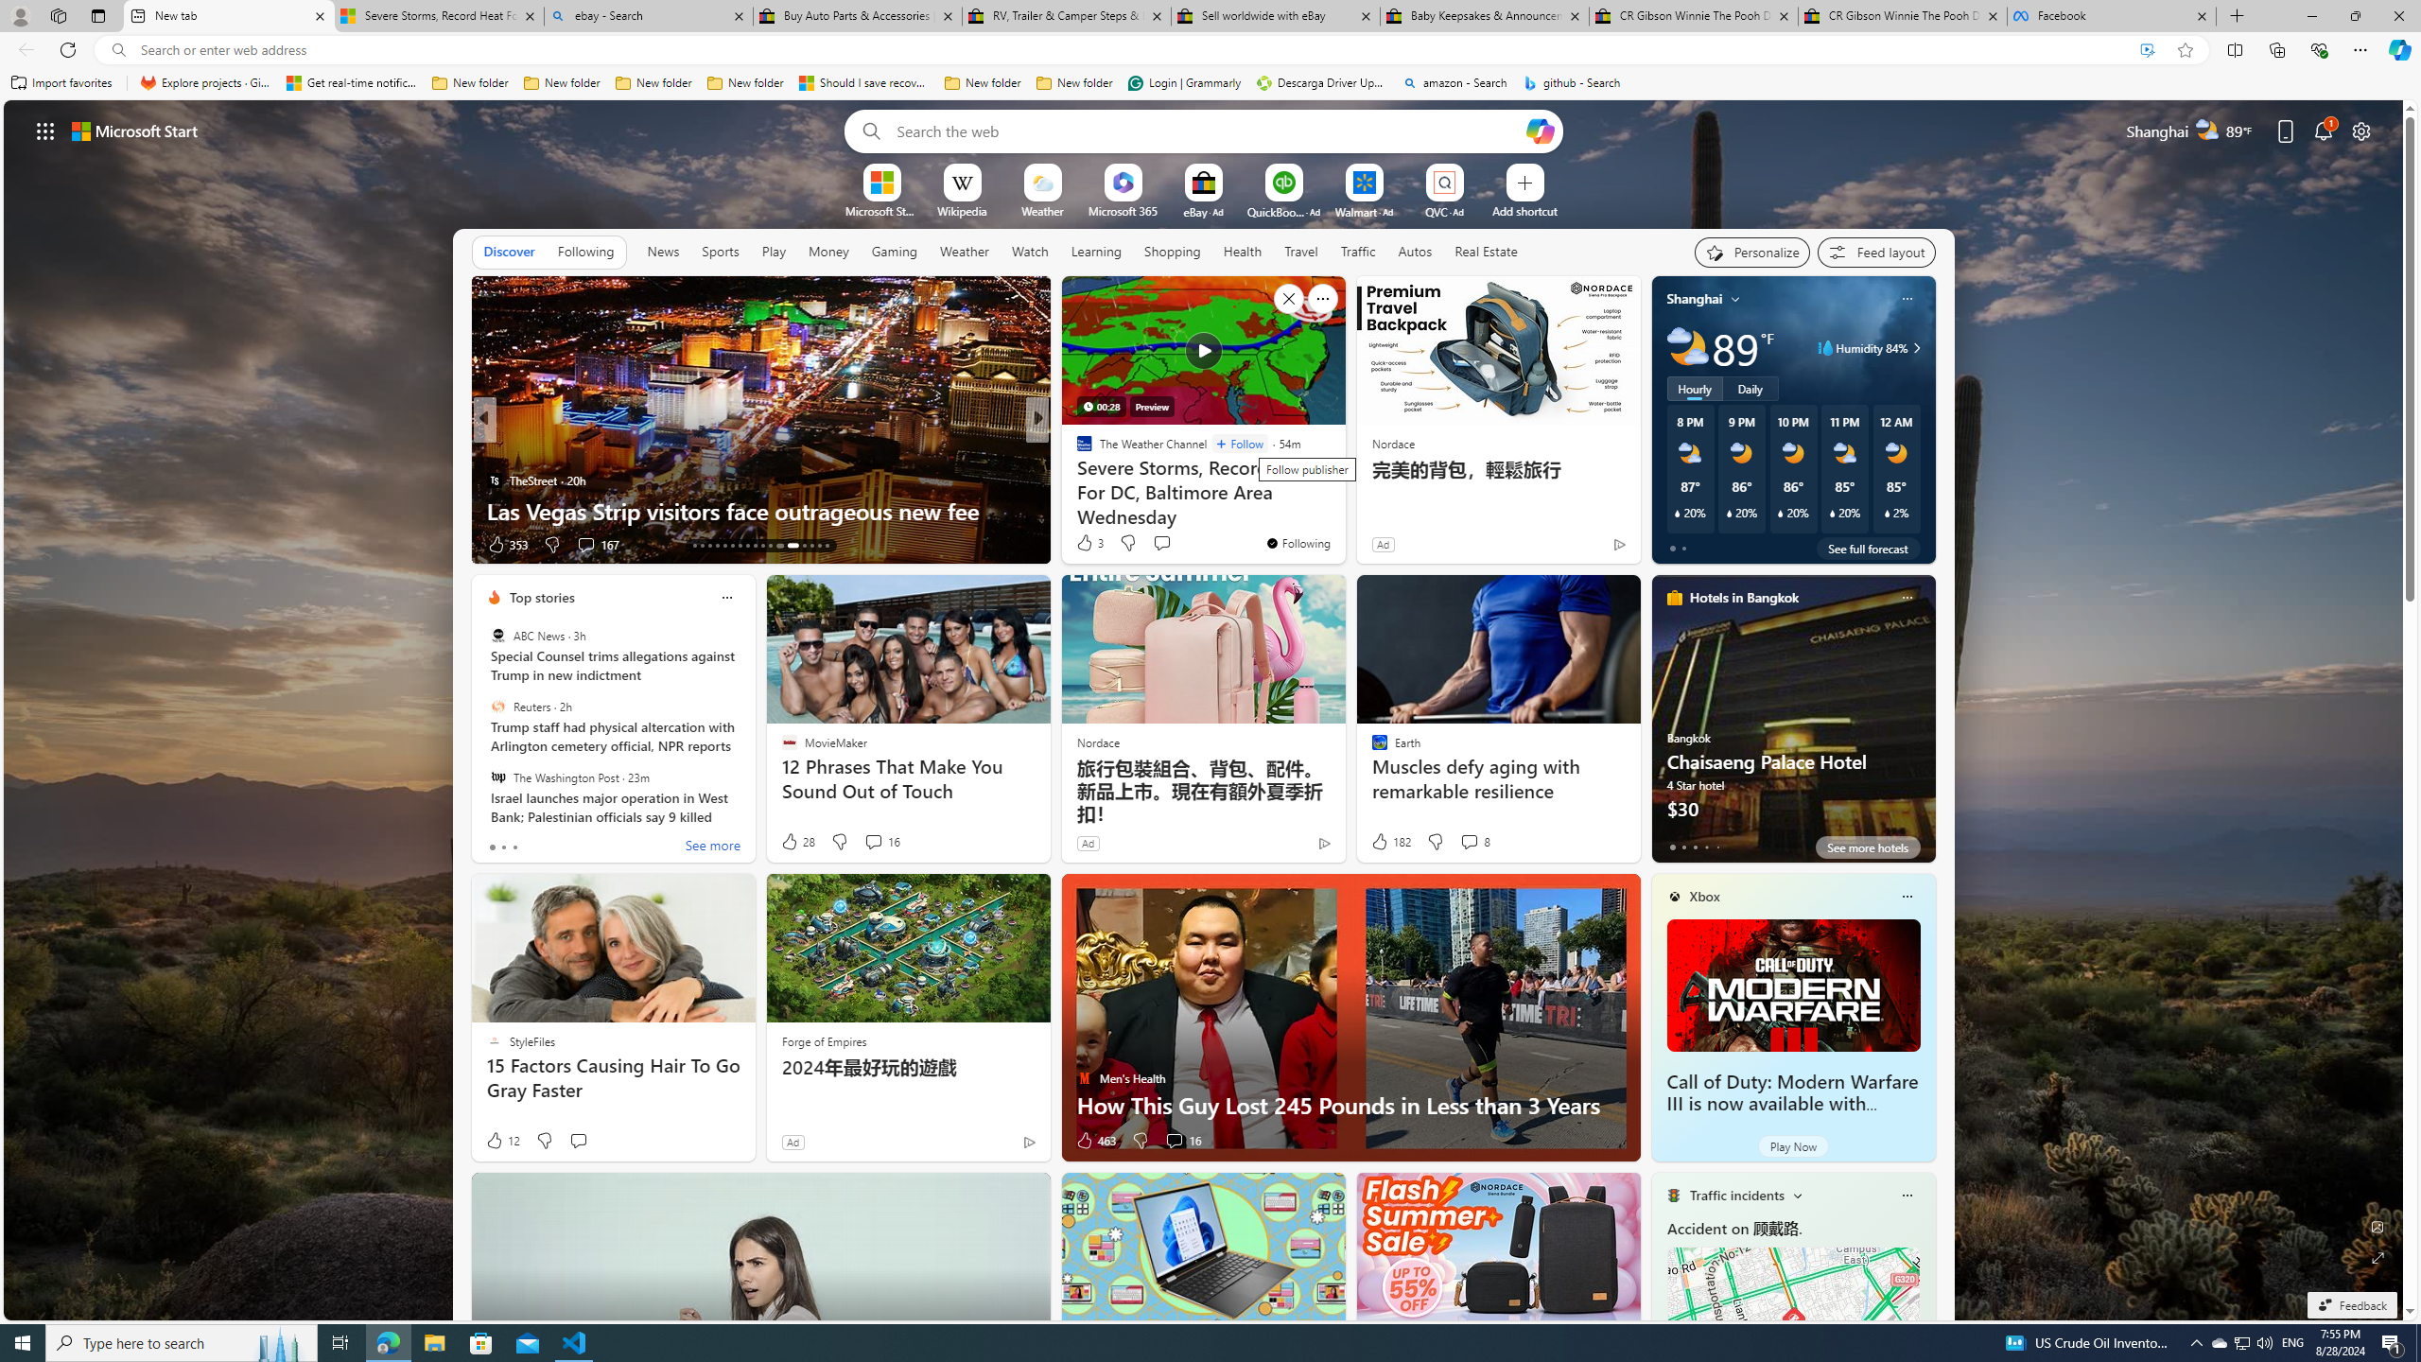  Describe the element at coordinates (1751, 253) in the screenshot. I see `'Personalize your feed"'` at that location.